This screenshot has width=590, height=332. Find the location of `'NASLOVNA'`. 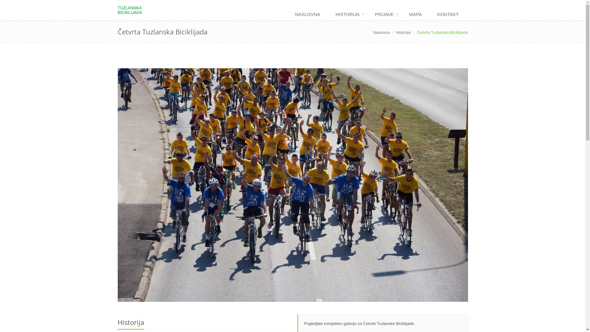

'NASLOVNA' is located at coordinates (309, 14).